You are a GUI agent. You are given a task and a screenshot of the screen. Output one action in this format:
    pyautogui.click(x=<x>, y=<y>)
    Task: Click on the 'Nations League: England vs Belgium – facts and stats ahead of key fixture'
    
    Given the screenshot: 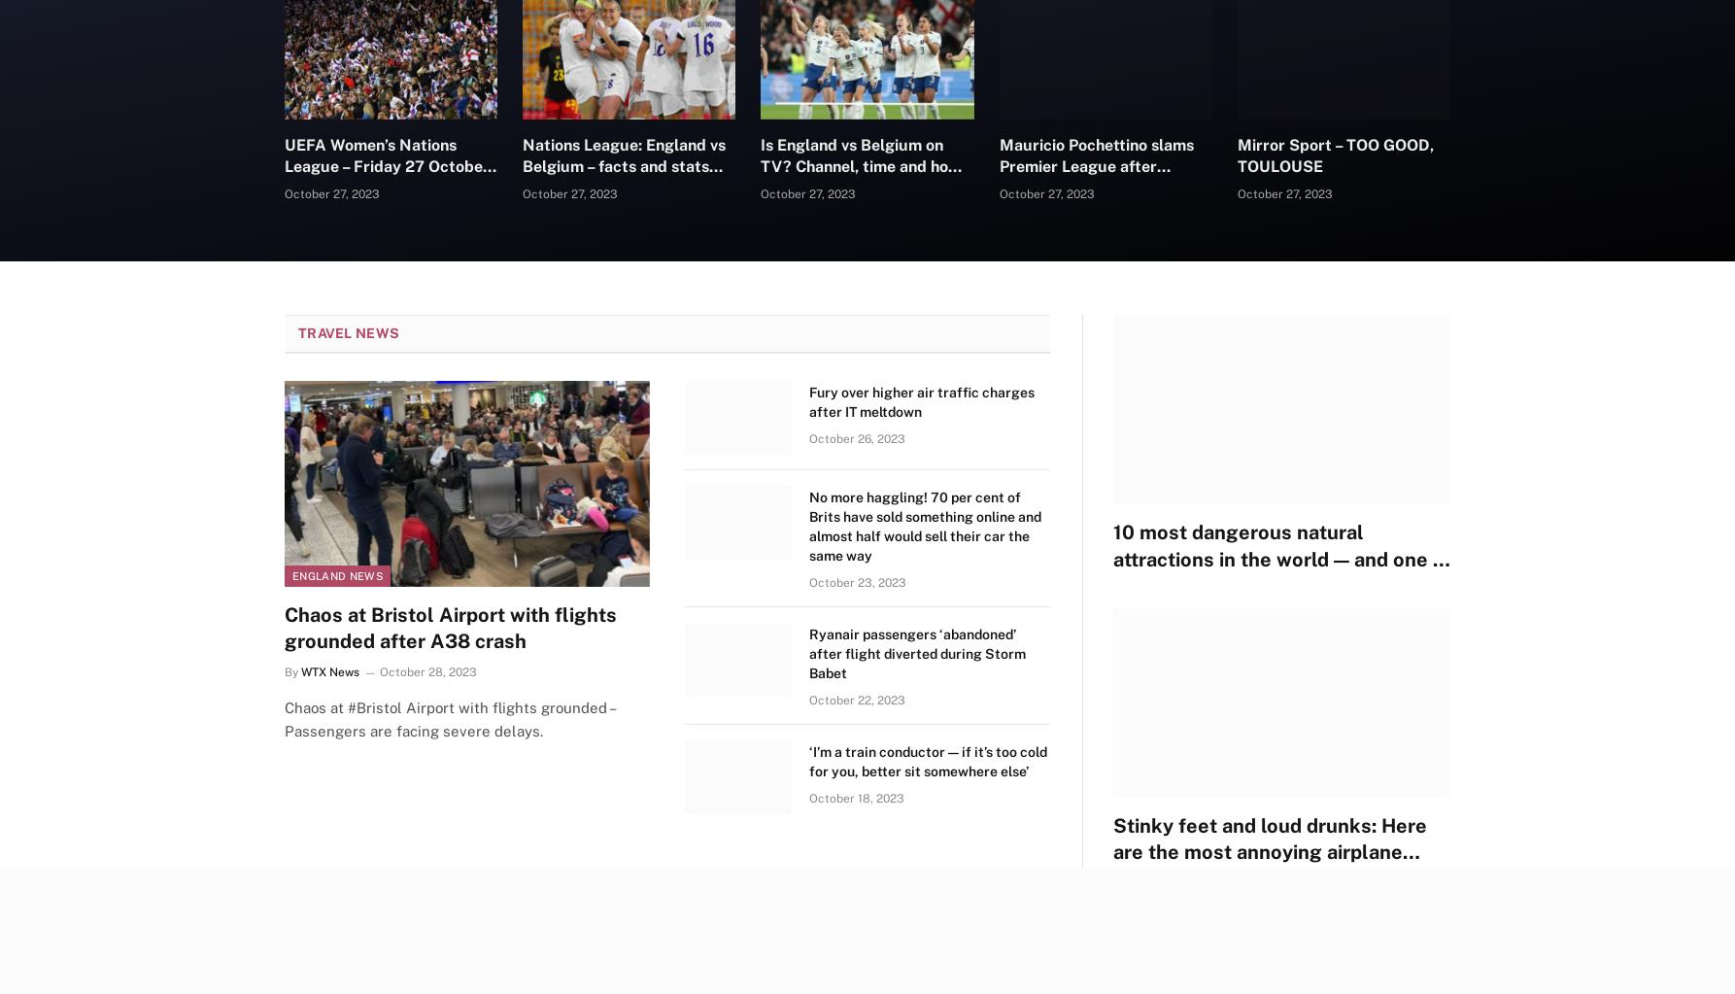 What is the action you would take?
    pyautogui.click(x=624, y=165)
    